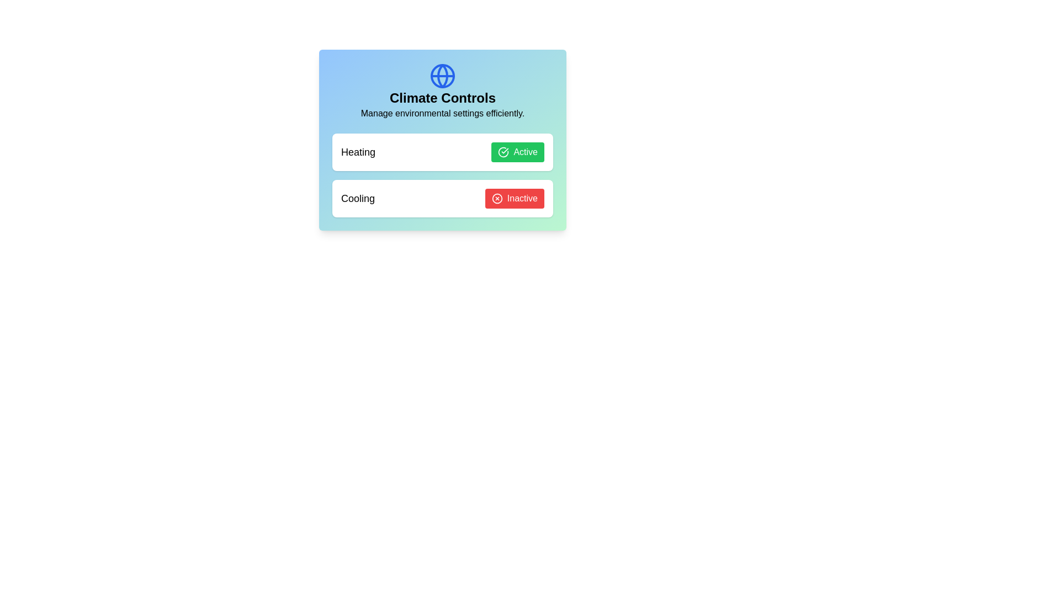  I want to click on the 'Cooling' button to toggle its state, so click(513, 198).